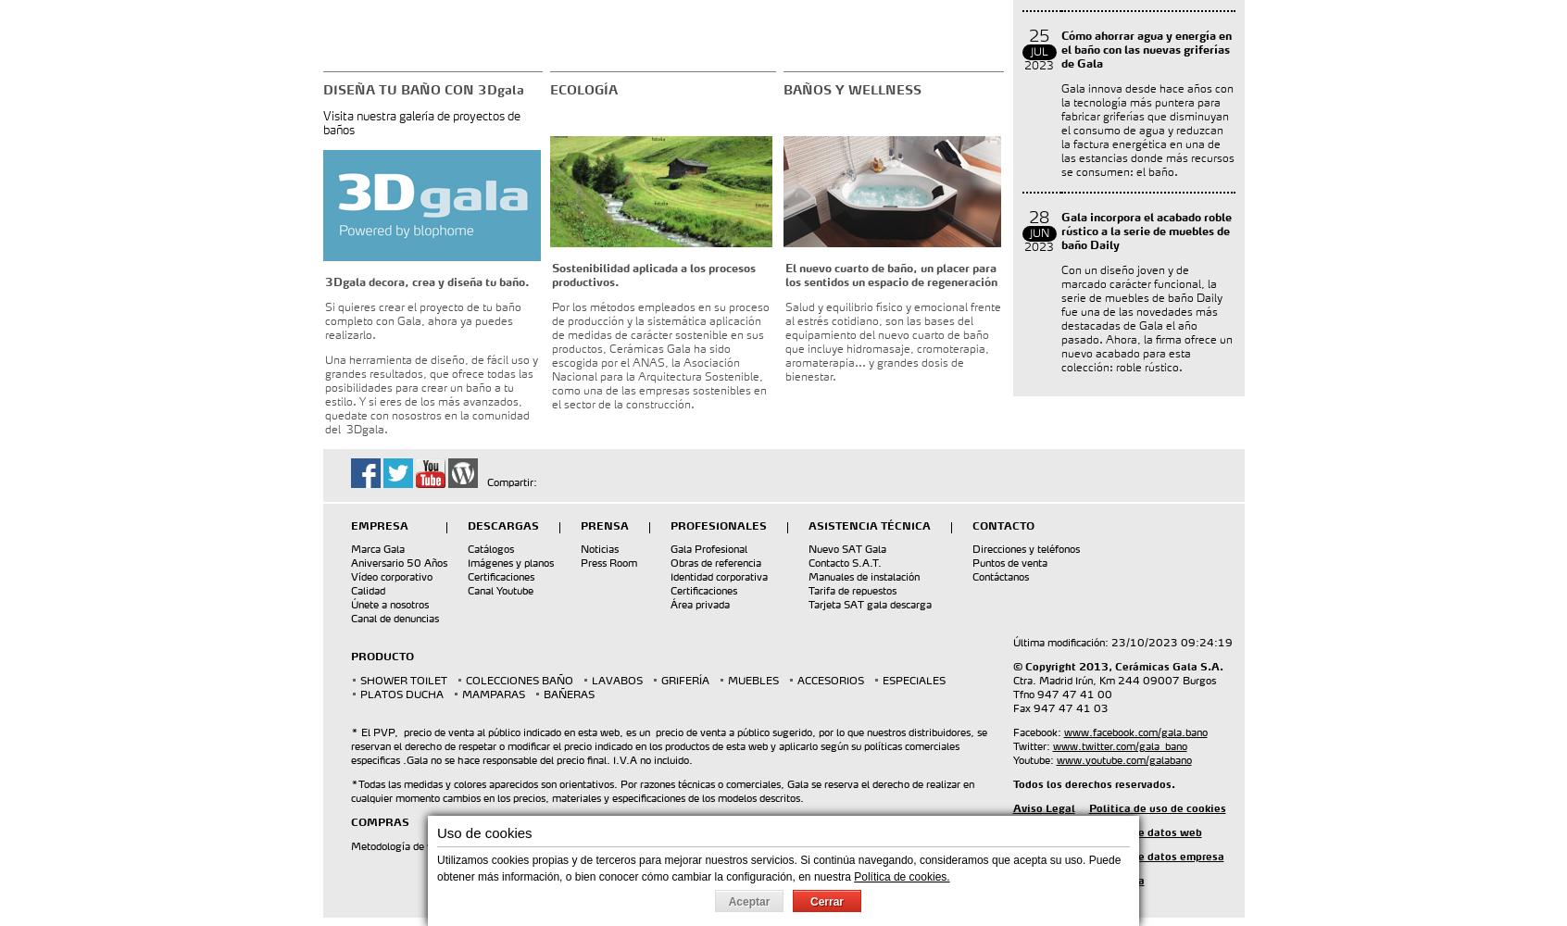 The width and height of the screenshot is (1567, 926). I want to click on 'Última modificación: 23/10/2023 09:24:19', so click(1012, 642).